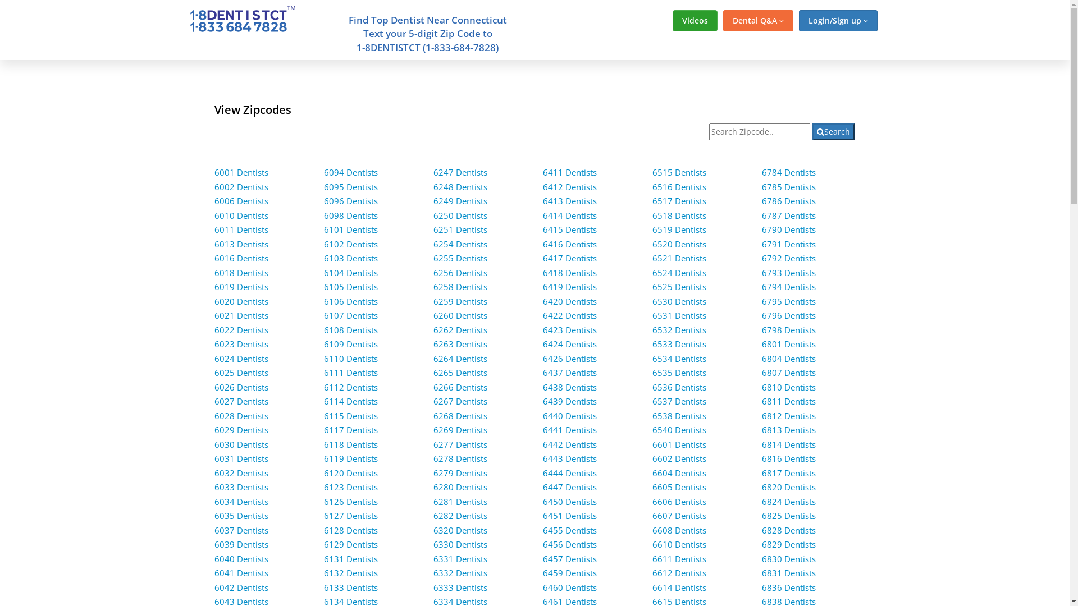  I want to click on '6103 Dentists', so click(350, 258).